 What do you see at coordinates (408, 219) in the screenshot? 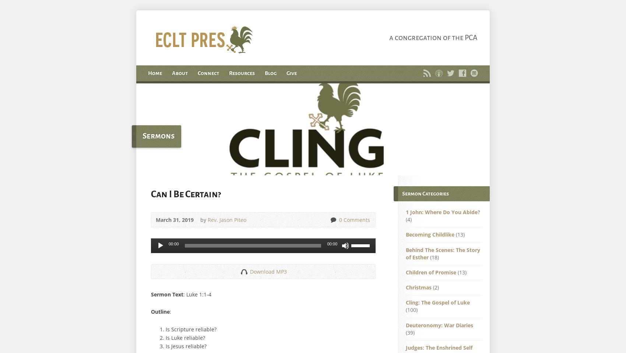
I see `'(4)'` at bounding box center [408, 219].